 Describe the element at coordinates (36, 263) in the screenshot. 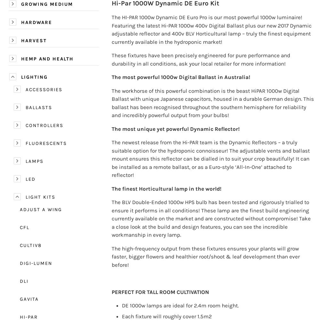

I see `'Digi-Lumen'` at that location.